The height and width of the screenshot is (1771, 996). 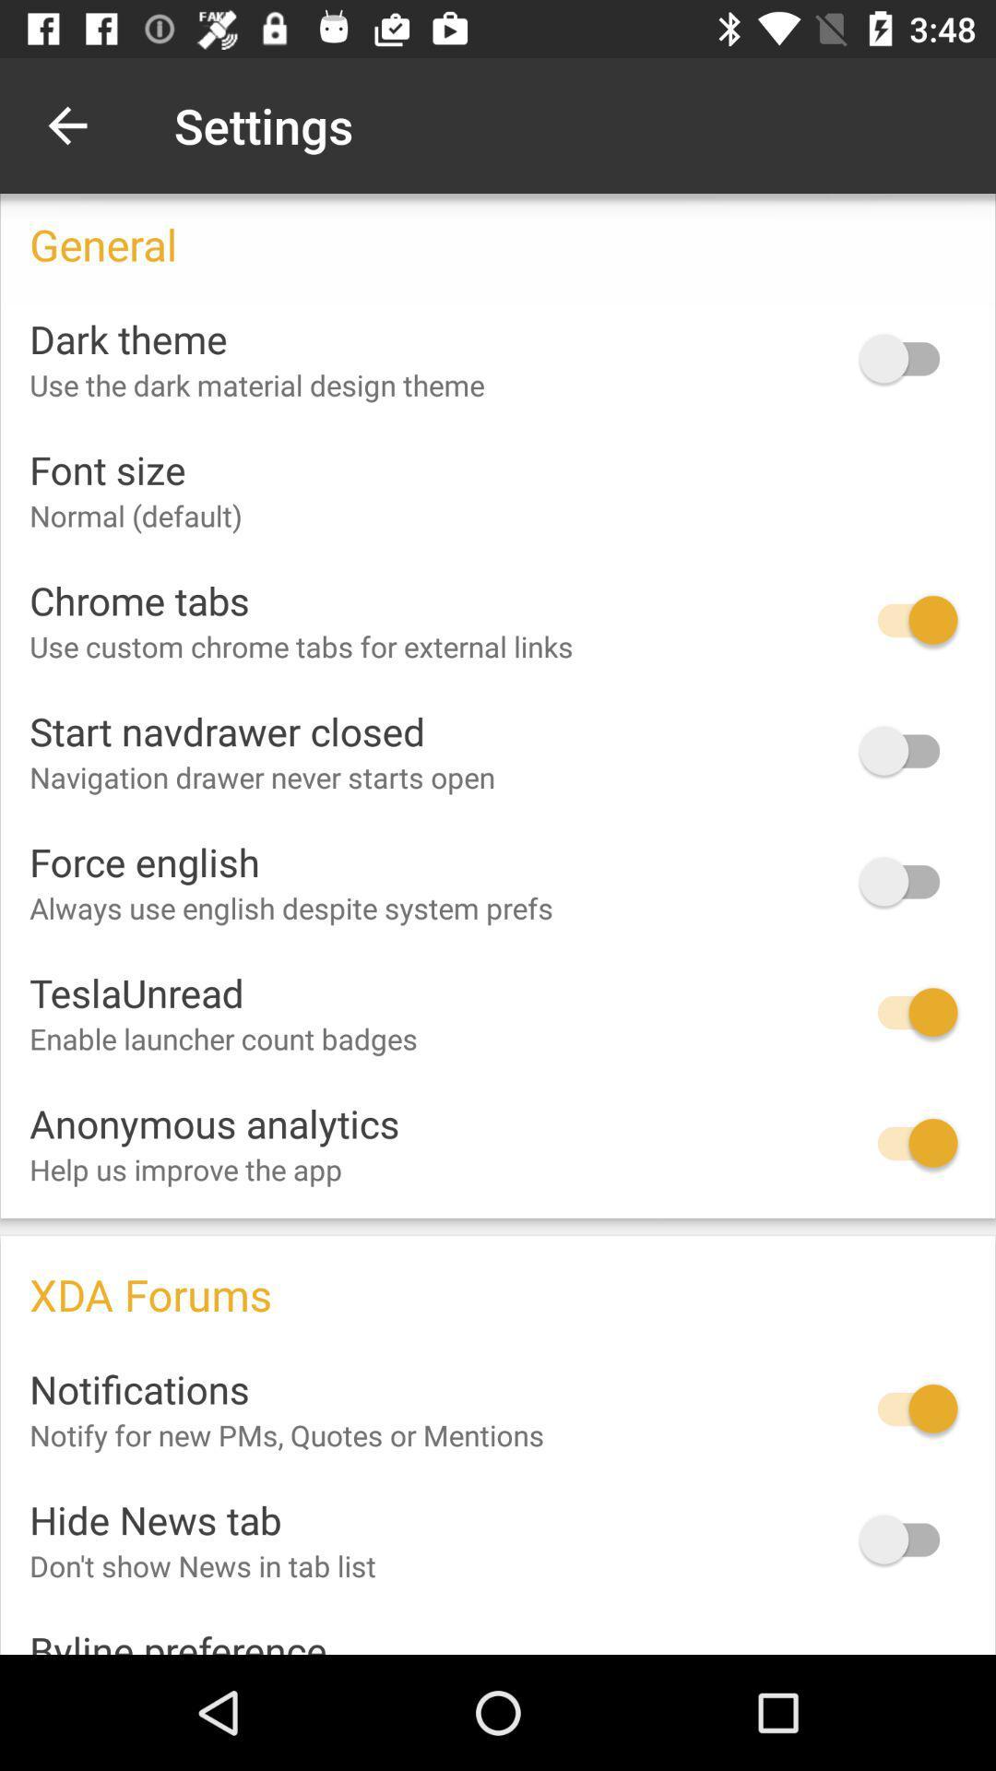 I want to click on enable launcher count badges, so click(x=907, y=1011).